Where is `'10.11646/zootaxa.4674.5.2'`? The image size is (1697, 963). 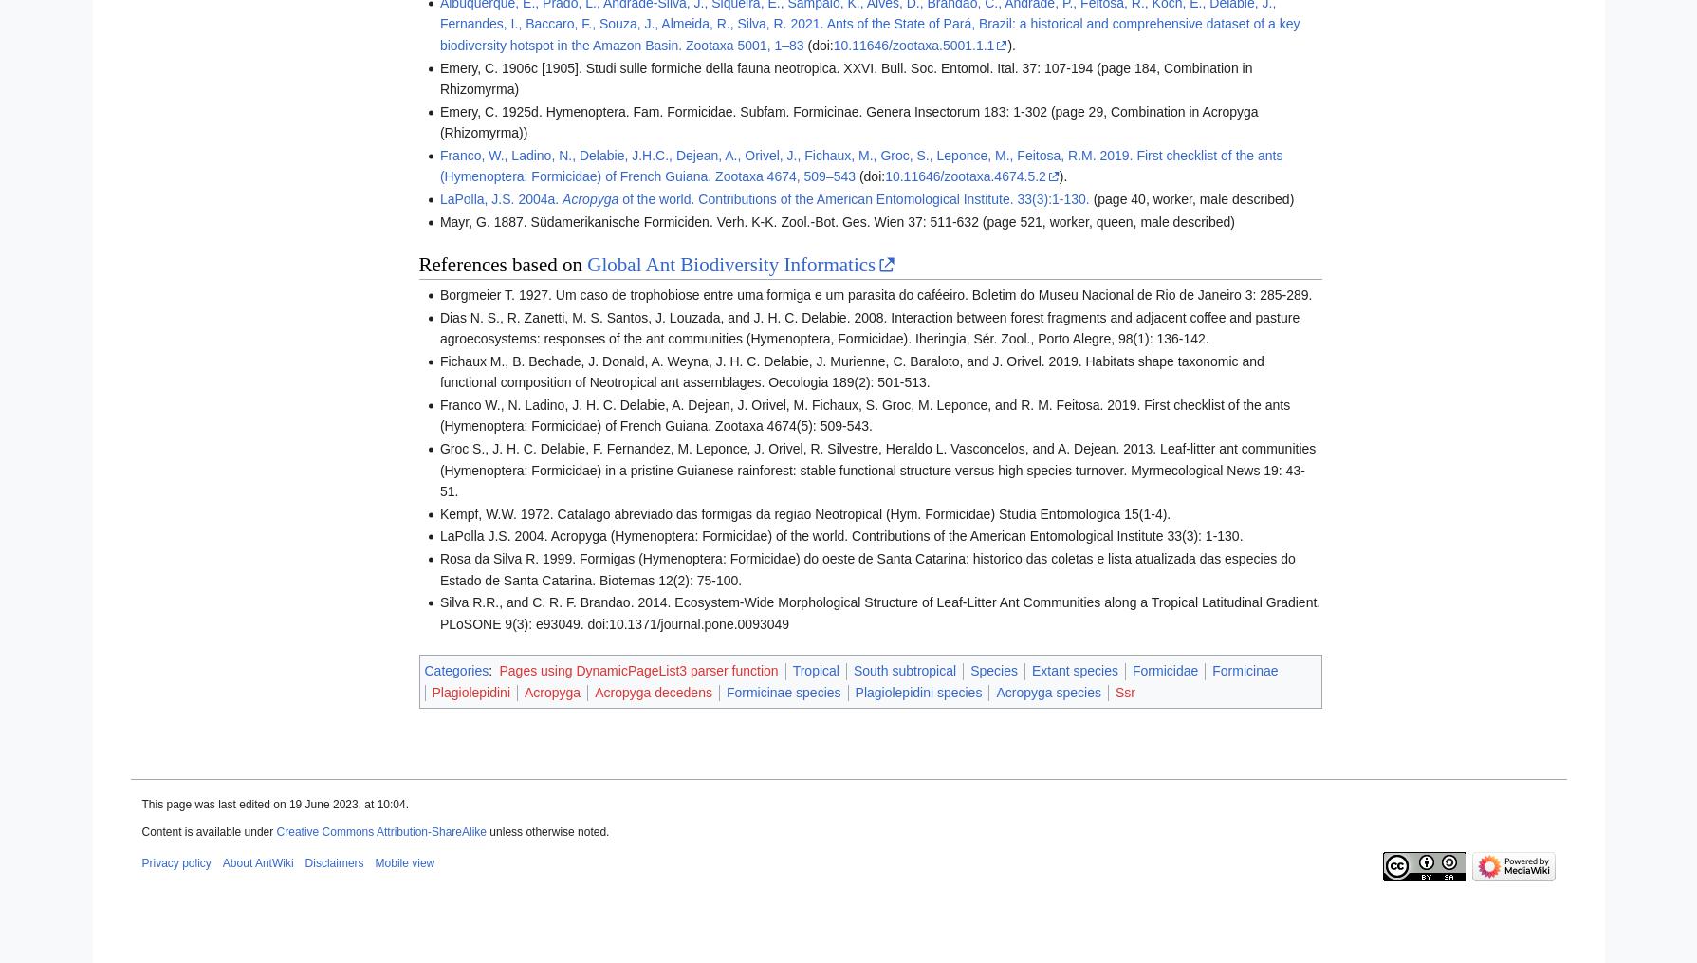
'10.11646/zootaxa.4674.5.2' is located at coordinates (964, 176).